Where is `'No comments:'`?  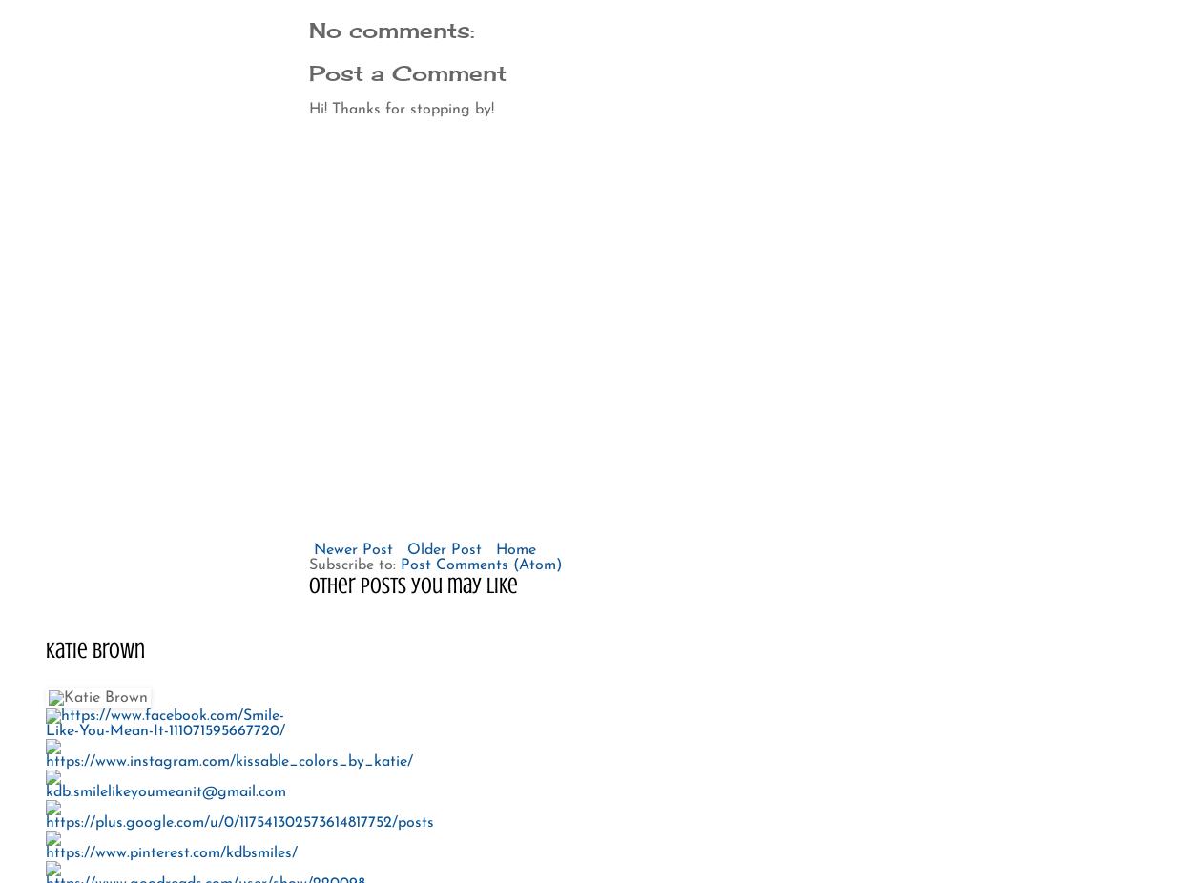 'No comments:' is located at coordinates (390, 29).